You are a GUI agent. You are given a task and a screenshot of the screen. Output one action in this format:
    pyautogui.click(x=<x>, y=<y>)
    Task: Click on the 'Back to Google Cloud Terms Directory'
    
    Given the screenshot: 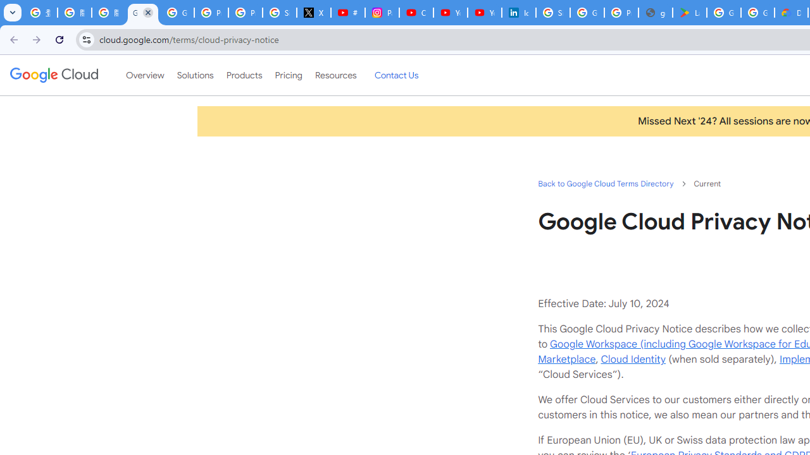 What is the action you would take?
    pyautogui.click(x=605, y=183)
    